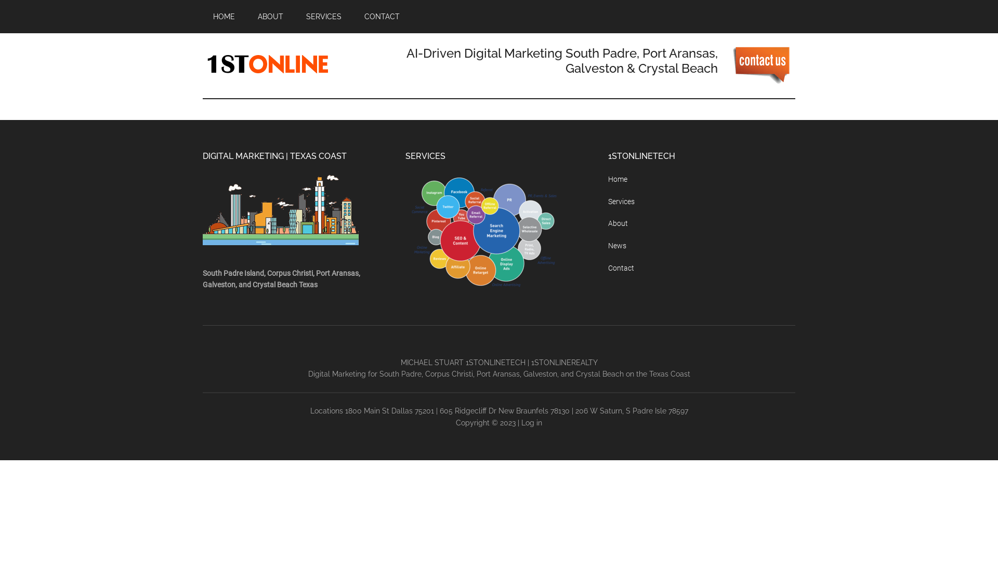  What do you see at coordinates (617, 246) in the screenshot?
I see `'News'` at bounding box center [617, 246].